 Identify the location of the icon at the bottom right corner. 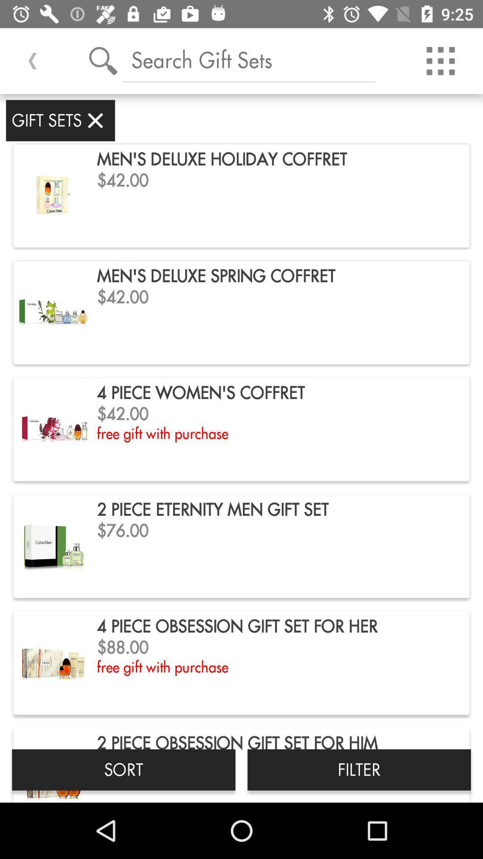
(359, 769).